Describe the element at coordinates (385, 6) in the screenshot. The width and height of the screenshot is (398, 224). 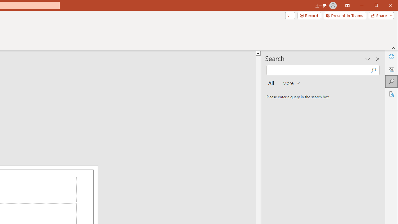
I see `'Maximize'` at that location.